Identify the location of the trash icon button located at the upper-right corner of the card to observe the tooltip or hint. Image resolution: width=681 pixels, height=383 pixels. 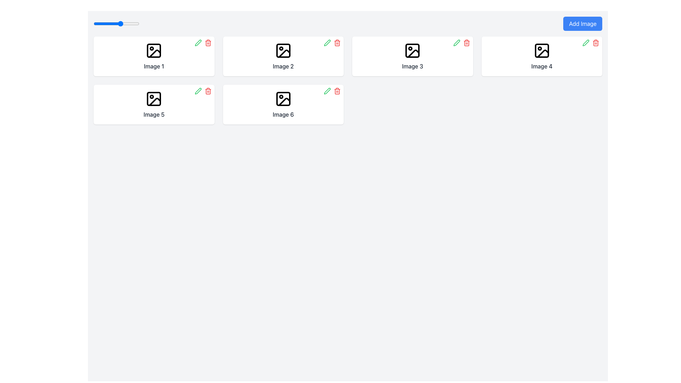
(337, 43).